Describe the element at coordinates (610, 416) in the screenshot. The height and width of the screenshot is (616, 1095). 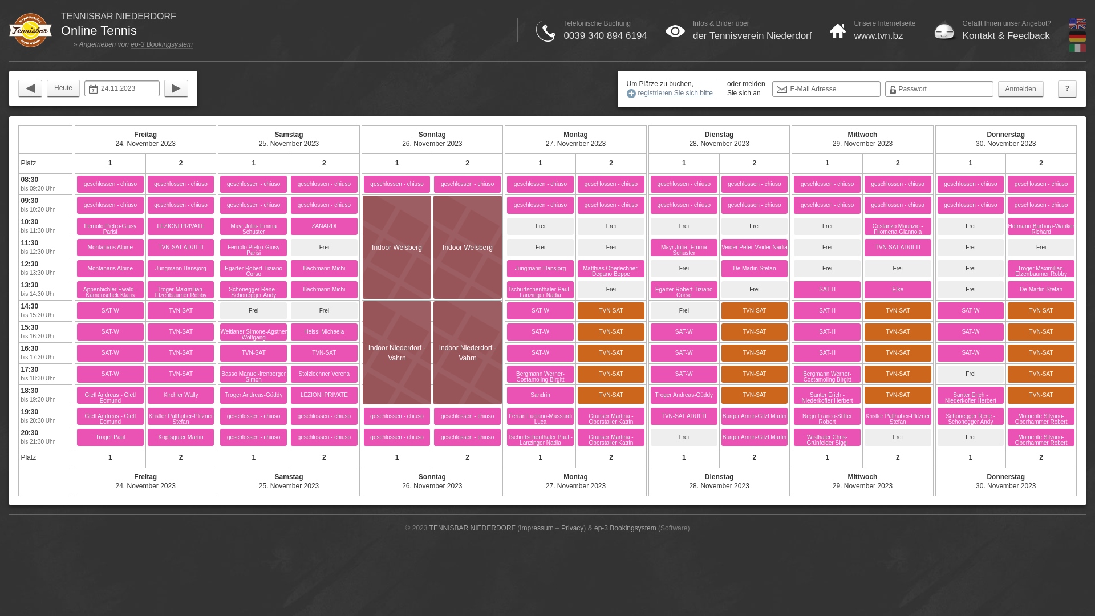
I see `'Grunser Martina - Oberstaller Katrin'` at that location.